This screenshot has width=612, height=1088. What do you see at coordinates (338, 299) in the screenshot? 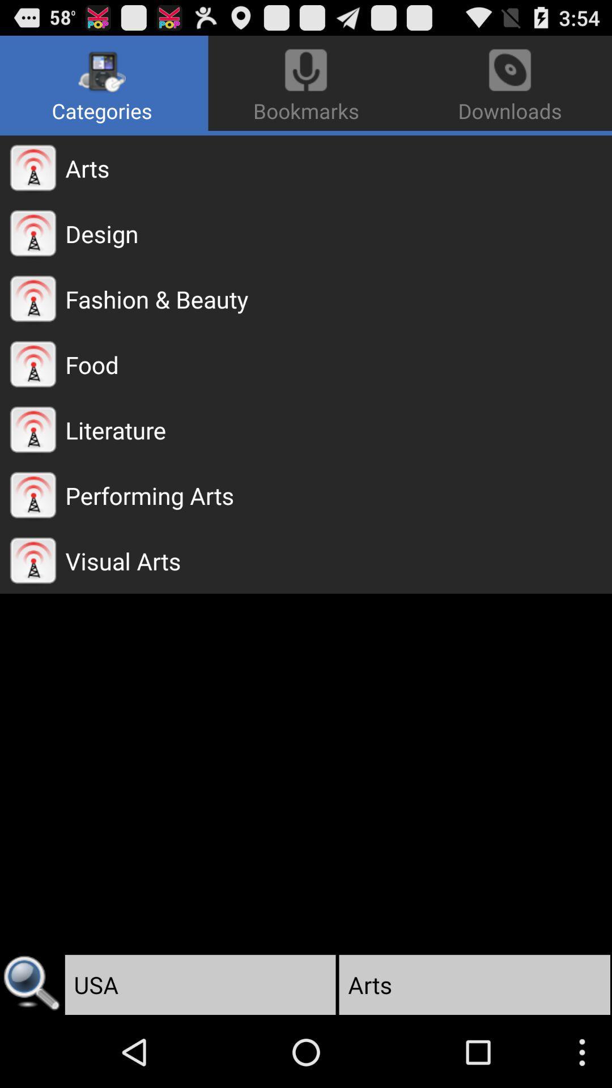
I see `fashion & beauty app` at bounding box center [338, 299].